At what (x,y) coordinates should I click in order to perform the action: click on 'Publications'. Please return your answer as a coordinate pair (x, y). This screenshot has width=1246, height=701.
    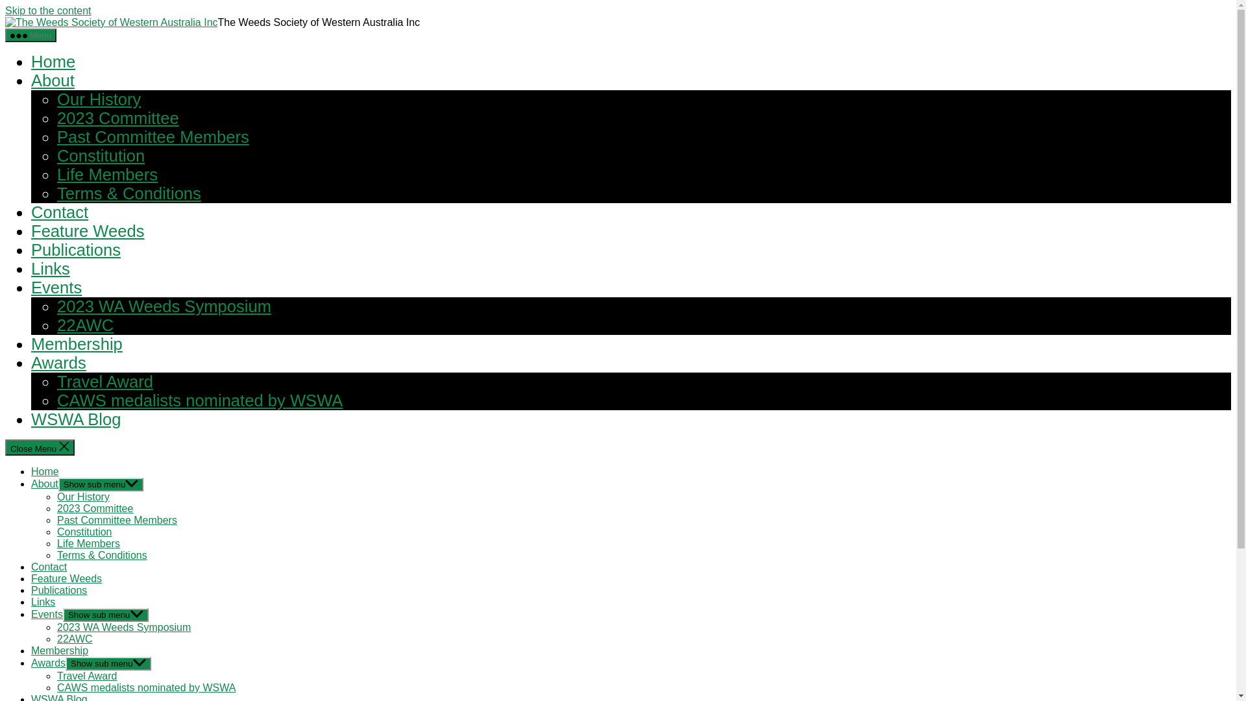
    Looking at the image, I should click on (58, 590).